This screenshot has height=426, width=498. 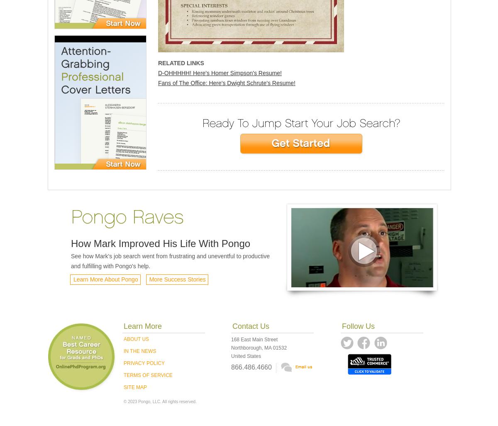 I want to click on 'D-OHHHHH! Here's Homer Simpson's Resume!', so click(x=219, y=72).